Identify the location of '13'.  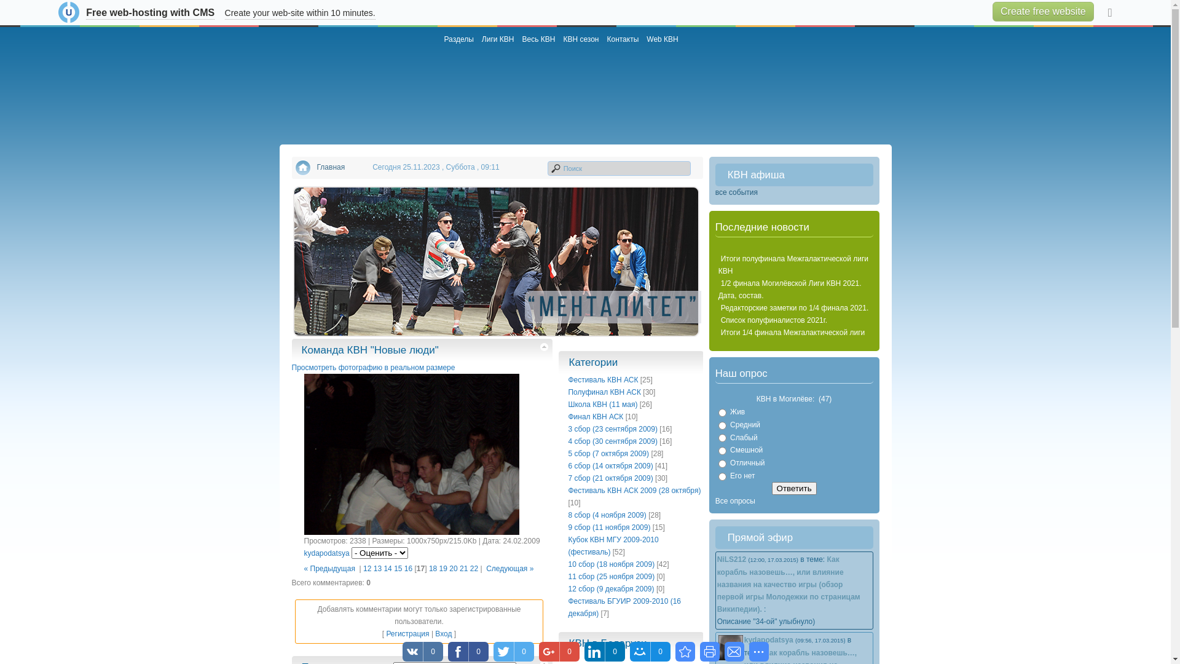
(377, 569).